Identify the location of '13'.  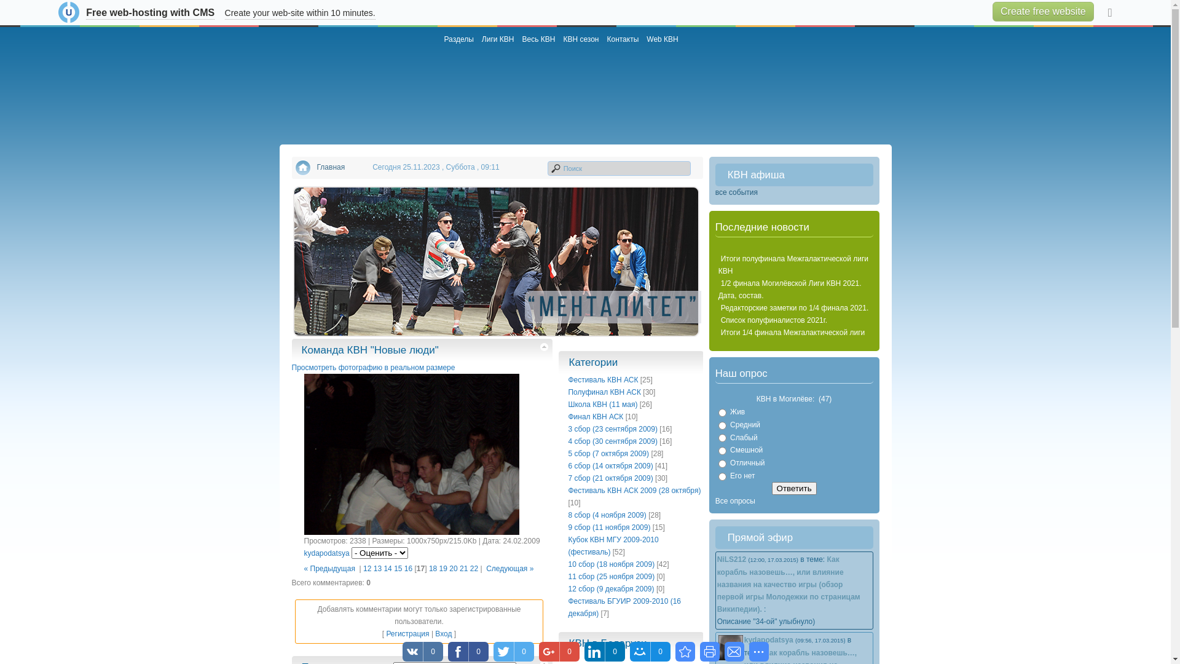
(377, 569).